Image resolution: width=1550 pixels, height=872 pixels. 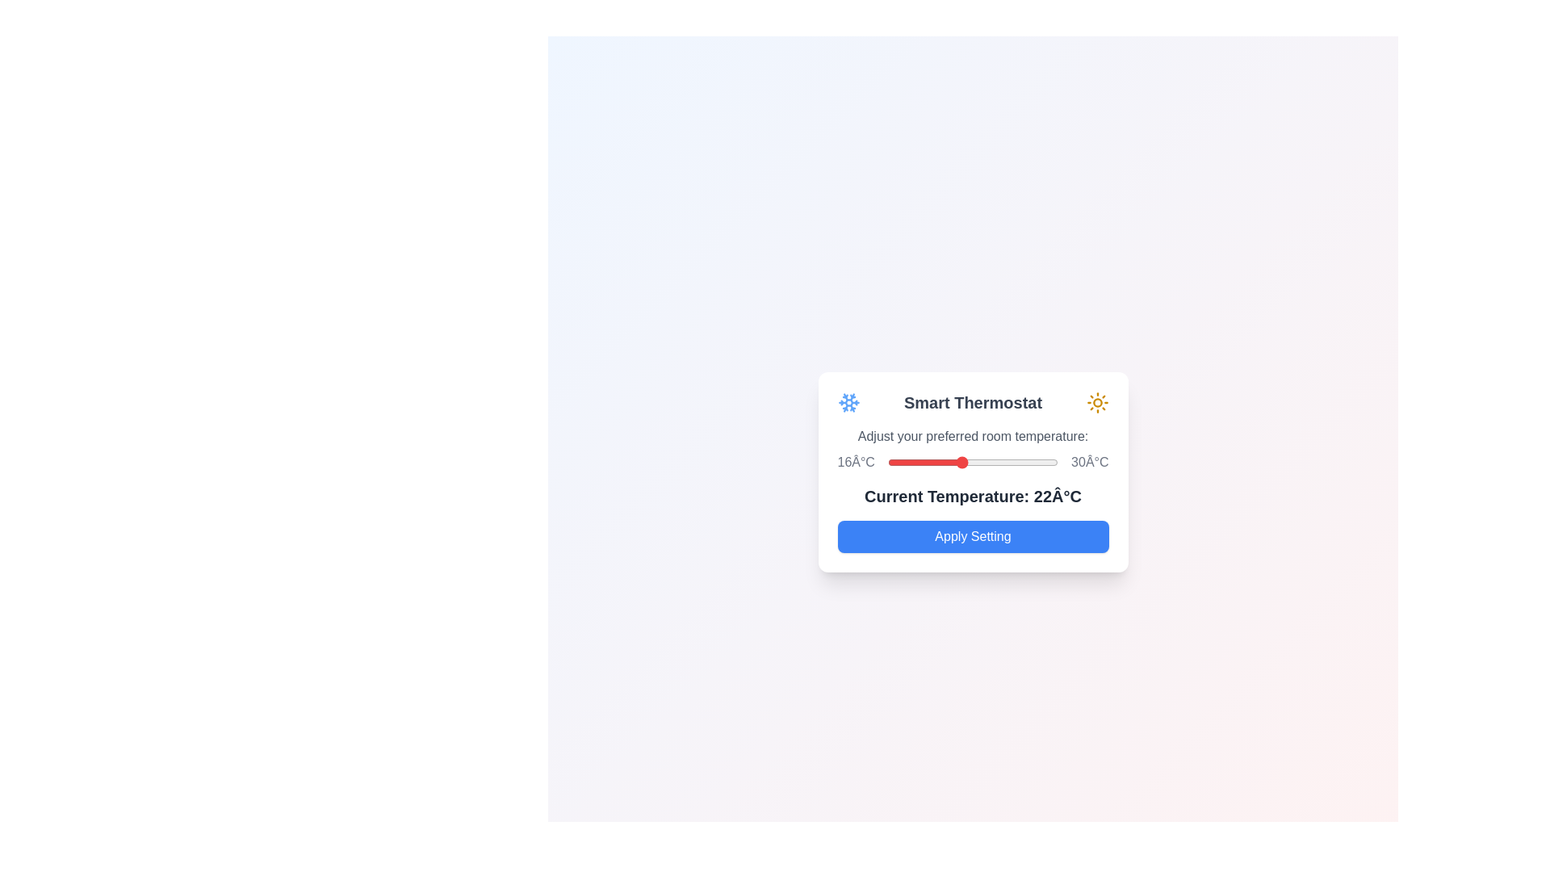 I want to click on the temperature to 19°C using the slider, so click(x=924, y=463).